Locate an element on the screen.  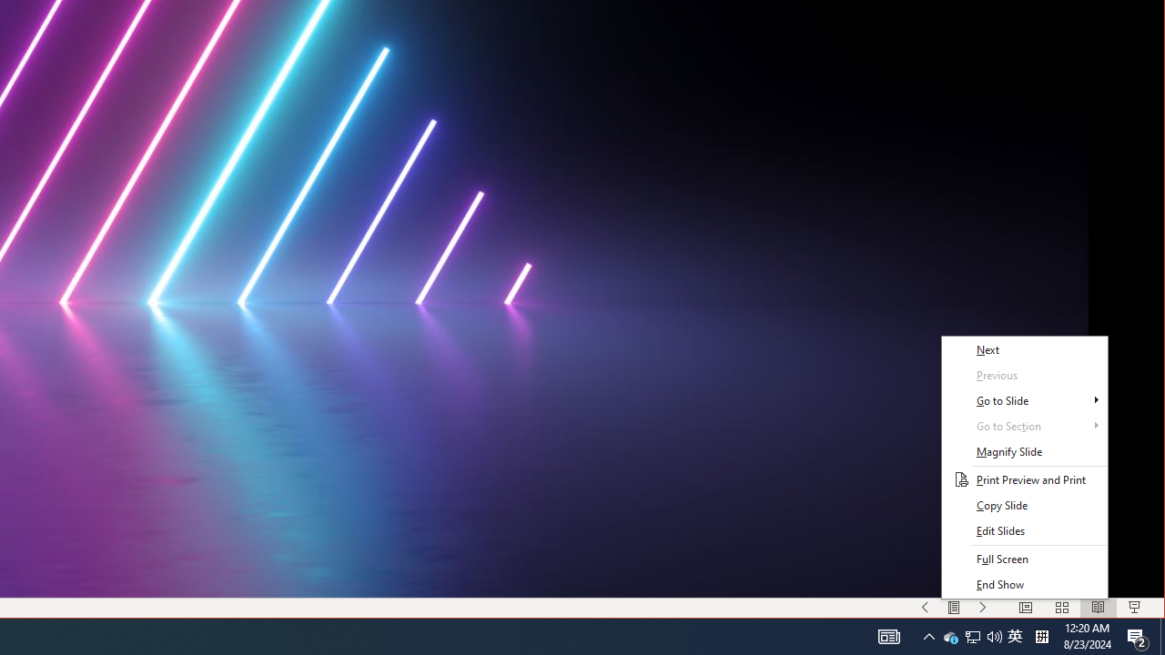
'Context Menu' is located at coordinates (1025, 466).